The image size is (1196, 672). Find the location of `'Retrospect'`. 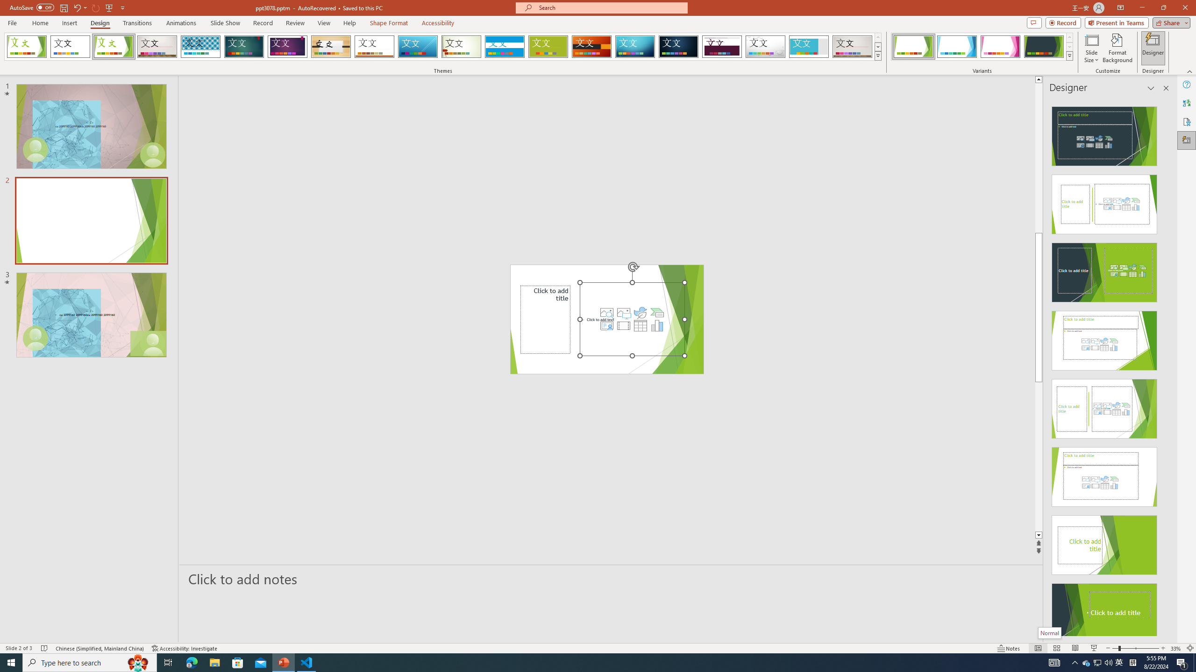

'Retrospect' is located at coordinates (374, 46).